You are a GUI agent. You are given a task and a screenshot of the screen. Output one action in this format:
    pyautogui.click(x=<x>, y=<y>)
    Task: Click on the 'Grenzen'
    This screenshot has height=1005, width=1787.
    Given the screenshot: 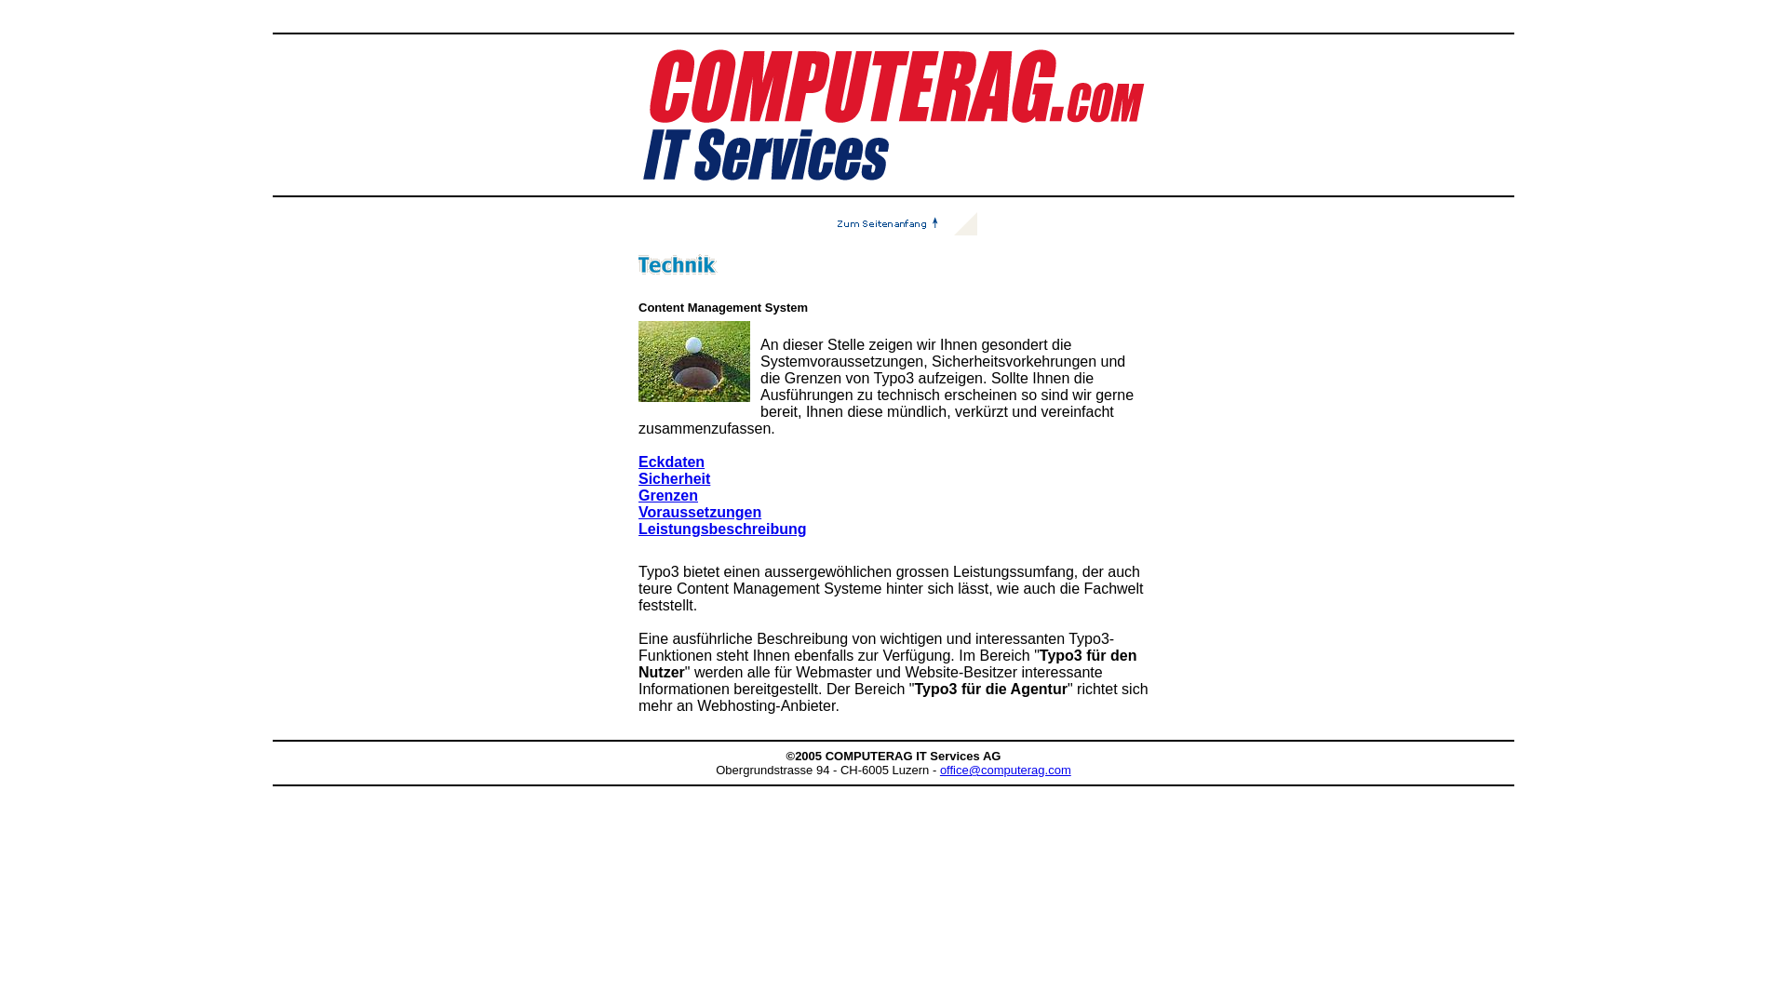 What is the action you would take?
    pyautogui.click(x=668, y=494)
    